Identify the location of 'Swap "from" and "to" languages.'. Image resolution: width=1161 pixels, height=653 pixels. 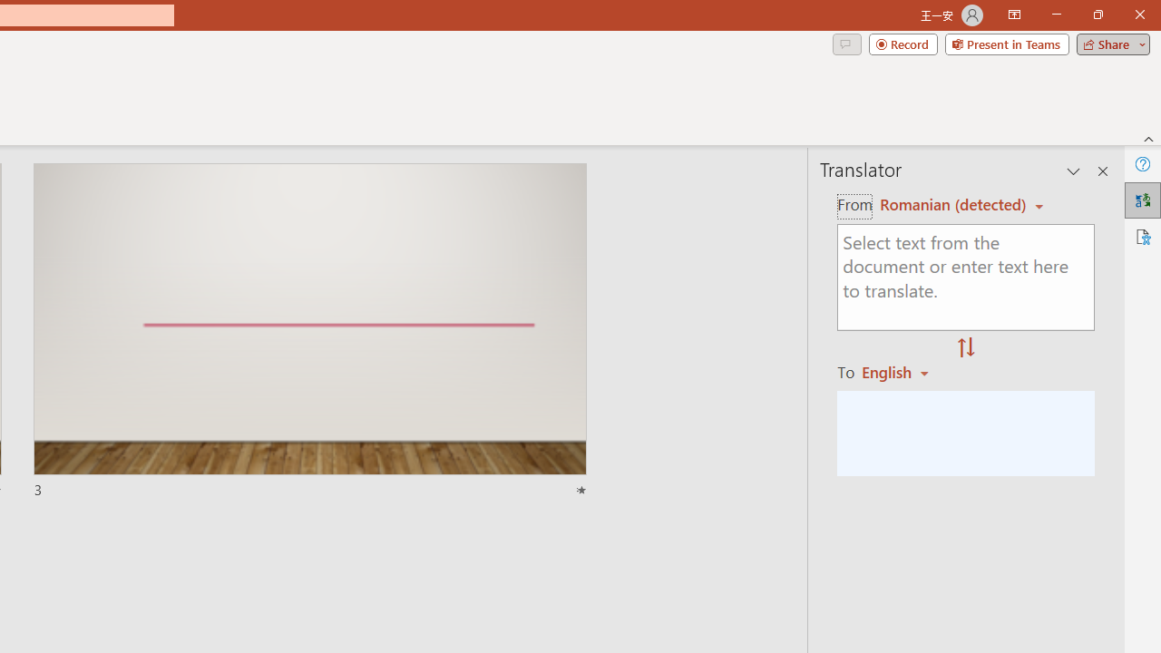
(965, 348).